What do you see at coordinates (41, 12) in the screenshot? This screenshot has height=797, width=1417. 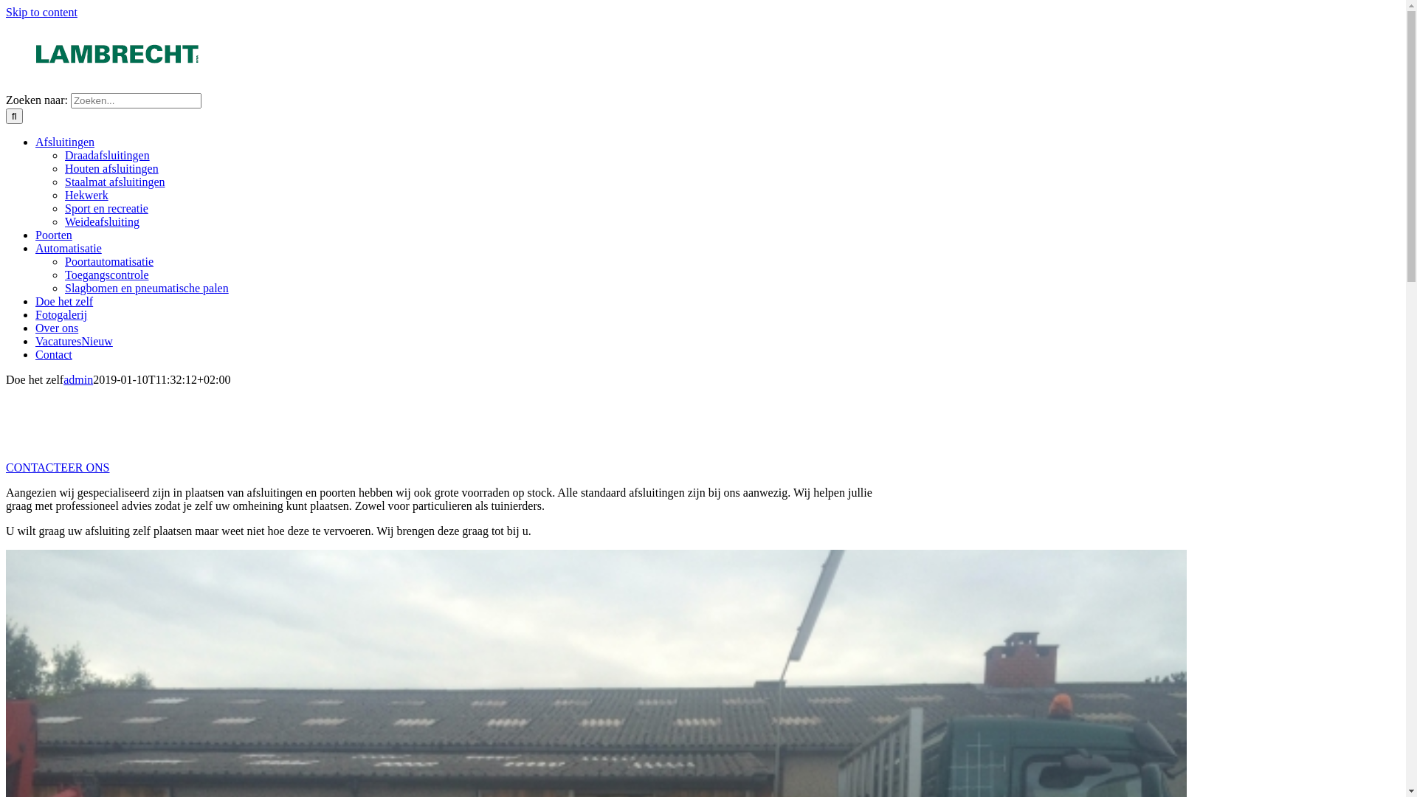 I see `'Skip to content'` at bounding box center [41, 12].